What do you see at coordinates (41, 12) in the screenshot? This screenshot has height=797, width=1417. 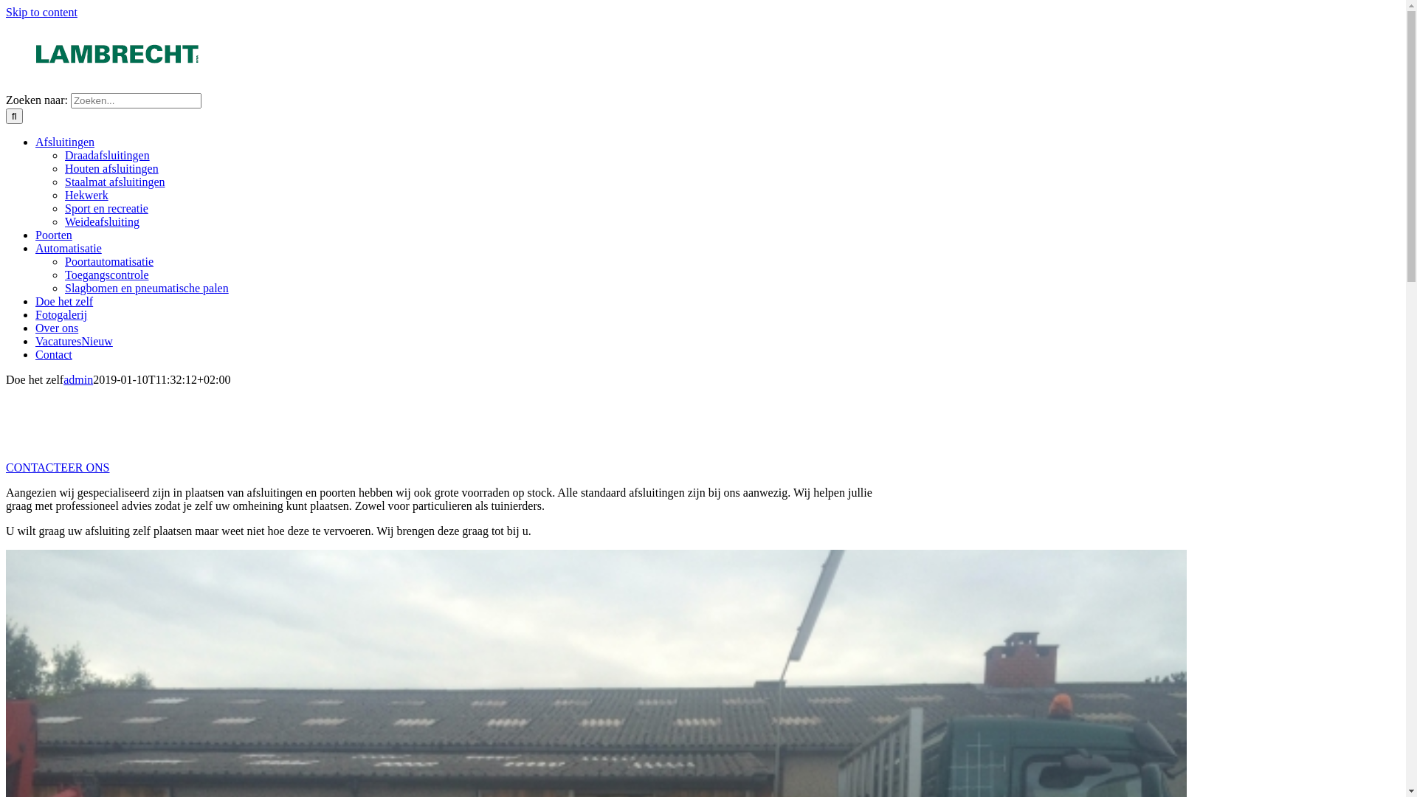 I see `'Skip to content'` at bounding box center [41, 12].